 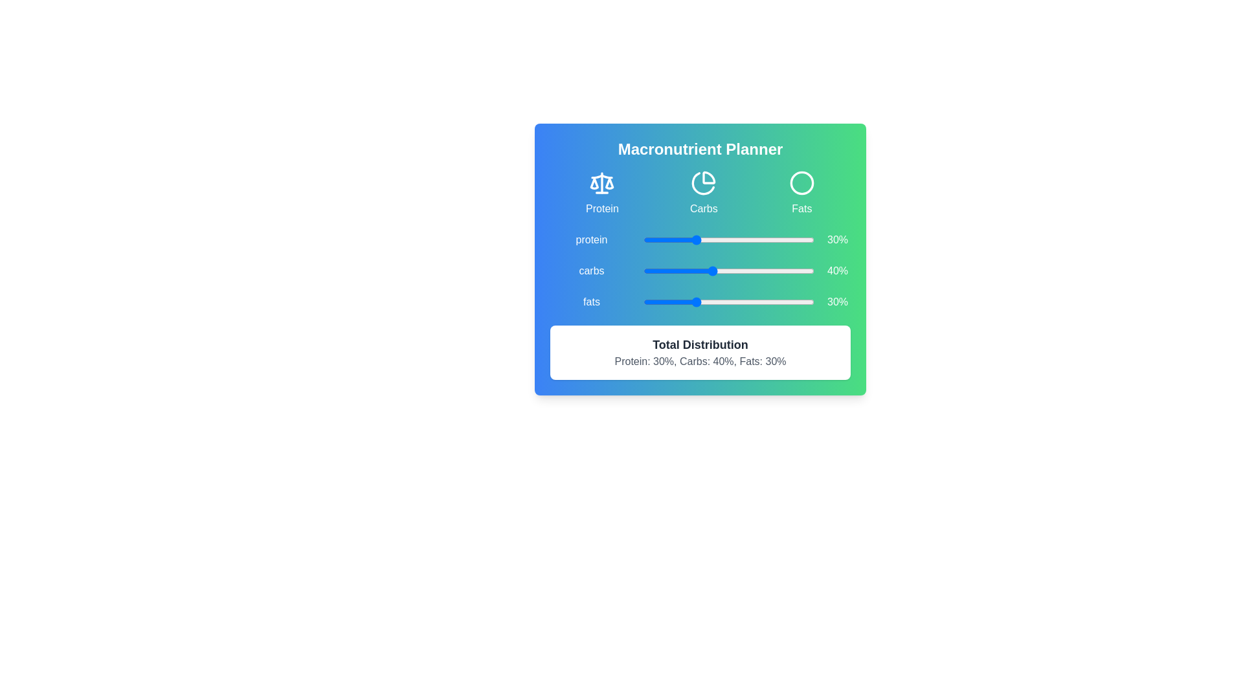 I want to click on the 'Carbs' icon with a pie chart, which is the second of three similar components in the Macronutrient Planner section, featuring a blue outline and white text, so click(x=703, y=194).